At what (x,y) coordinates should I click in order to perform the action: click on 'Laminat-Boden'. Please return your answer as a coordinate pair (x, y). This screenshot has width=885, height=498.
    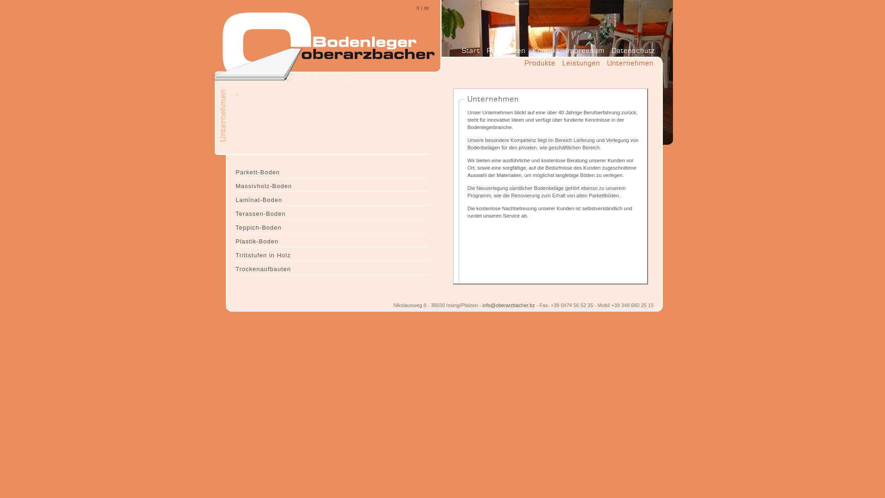
    Looking at the image, I should click on (332, 198).